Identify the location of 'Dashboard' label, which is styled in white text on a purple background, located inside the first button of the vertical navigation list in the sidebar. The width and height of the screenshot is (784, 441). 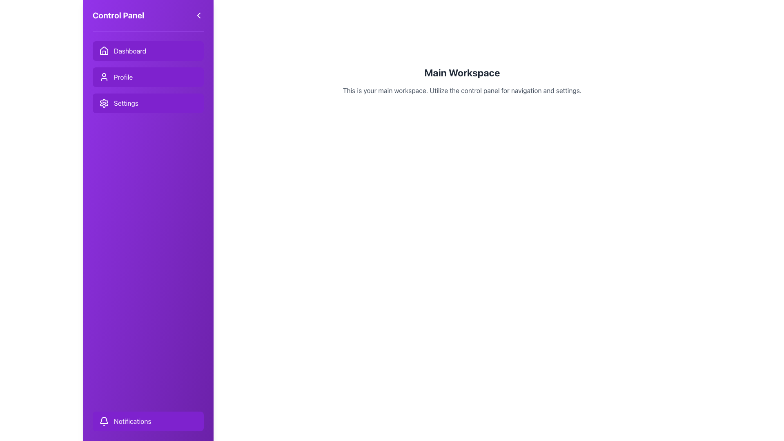
(129, 51).